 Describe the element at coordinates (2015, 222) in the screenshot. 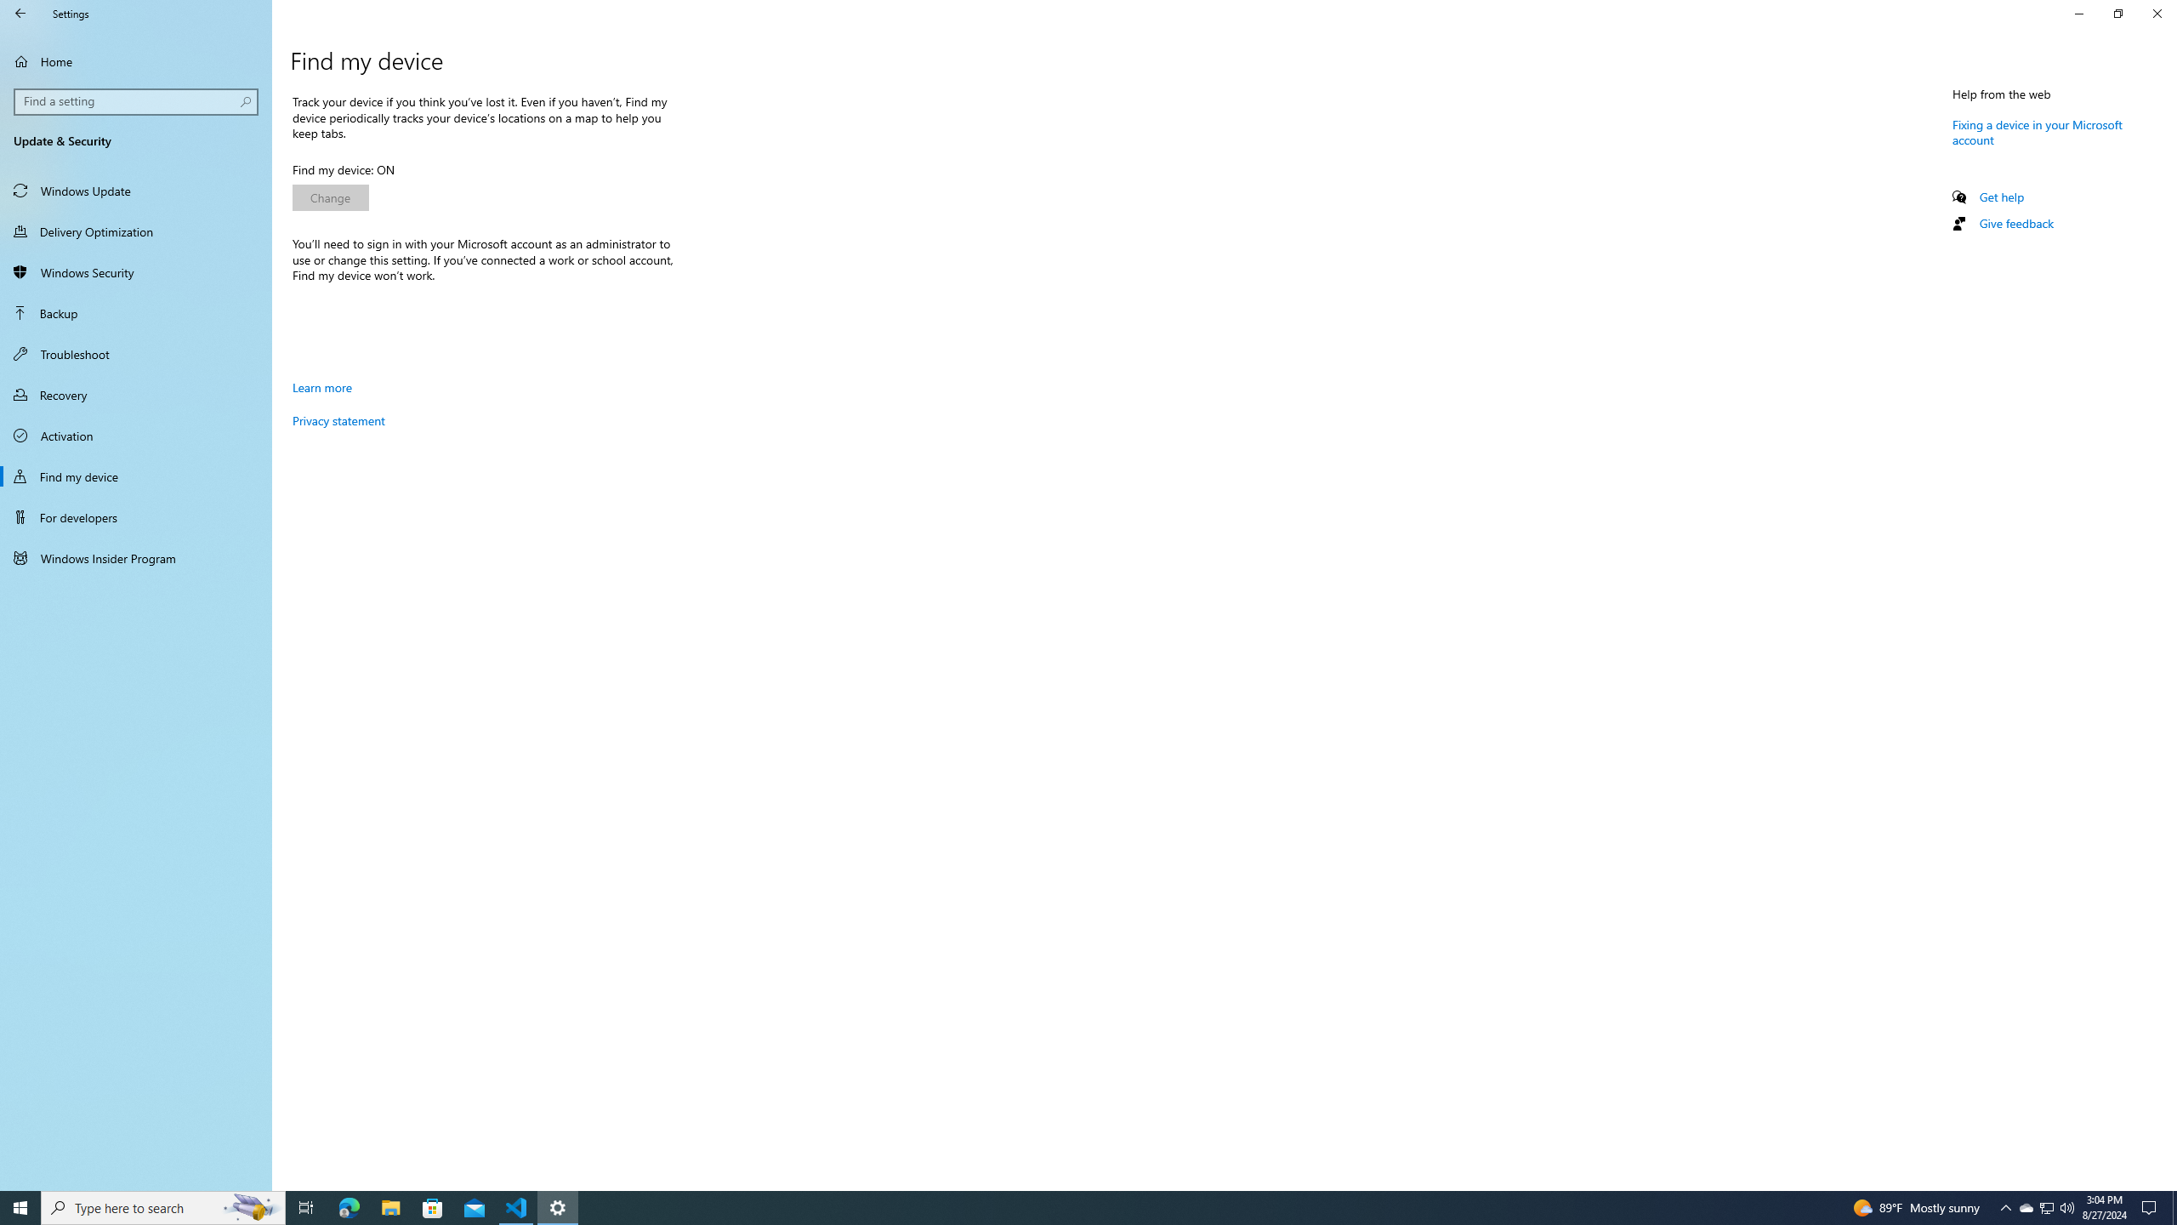

I see `'Give feedback'` at that location.